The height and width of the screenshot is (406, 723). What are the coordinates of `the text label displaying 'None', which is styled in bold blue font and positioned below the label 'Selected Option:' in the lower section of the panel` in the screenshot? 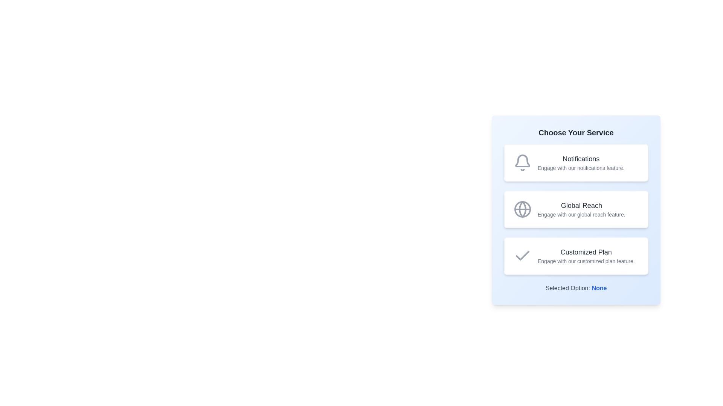 It's located at (599, 288).